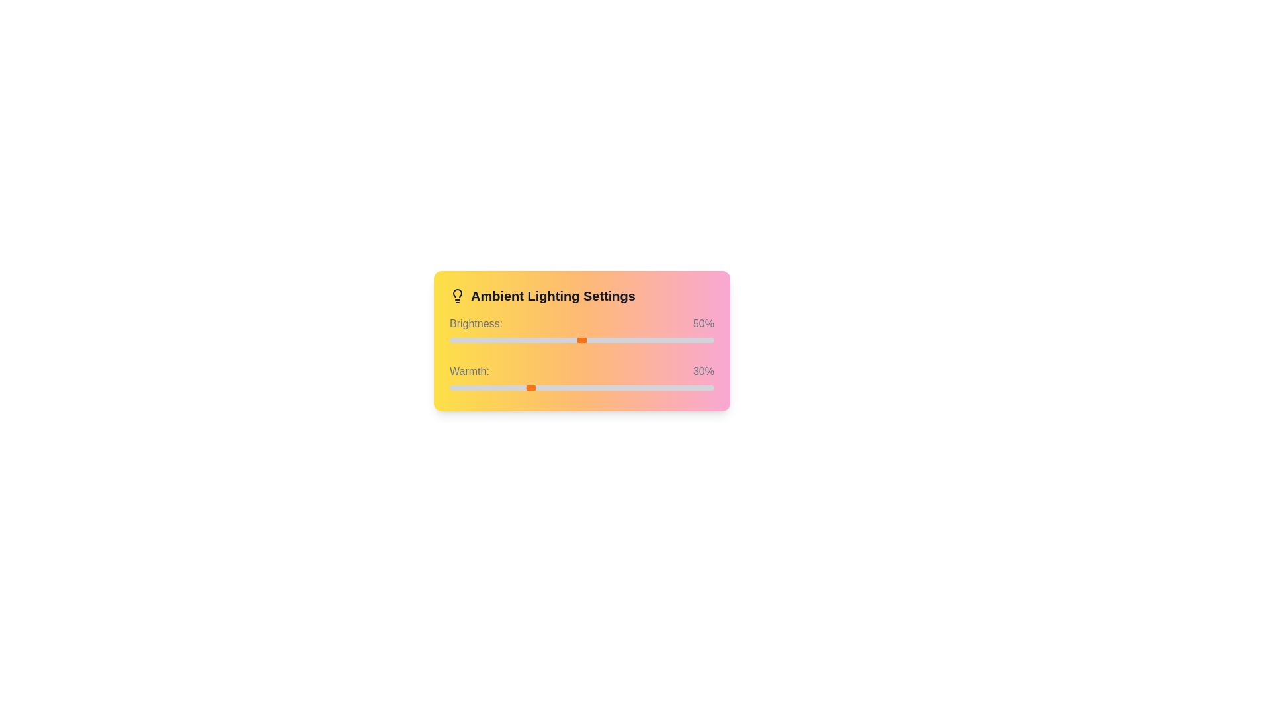  What do you see at coordinates (545, 387) in the screenshot?
I see `the warmth slider to 36%` at bounding box center [545, 387].